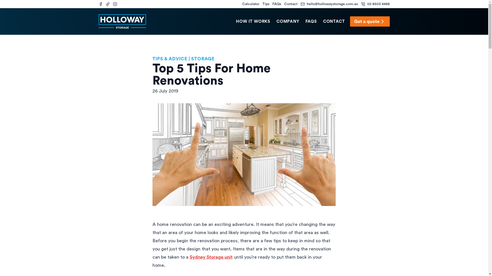  I want to click on 'Get a quote', so click(370, 21).